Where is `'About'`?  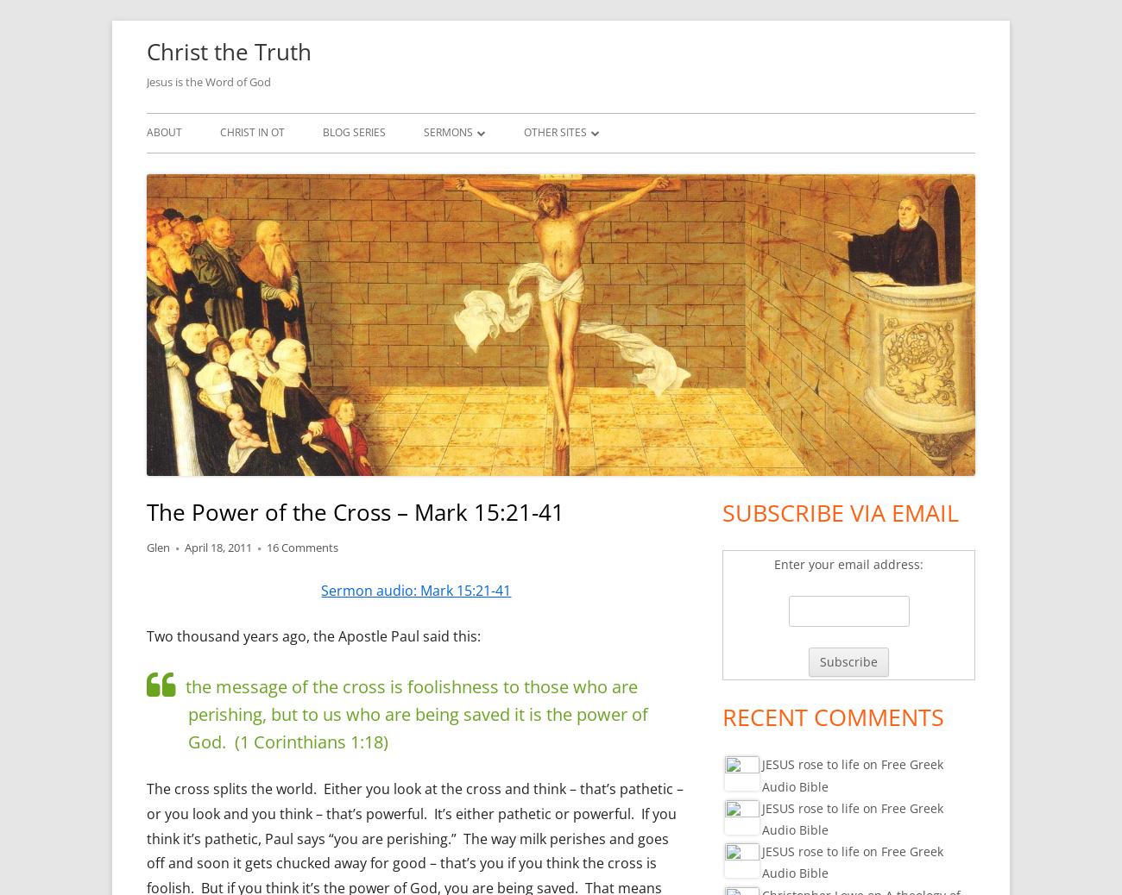
'About' is located at coordinates (164, 131).